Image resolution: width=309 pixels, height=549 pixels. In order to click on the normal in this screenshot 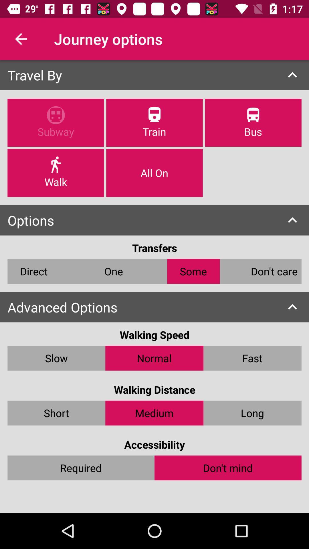, I will do `click(154, 358)`.